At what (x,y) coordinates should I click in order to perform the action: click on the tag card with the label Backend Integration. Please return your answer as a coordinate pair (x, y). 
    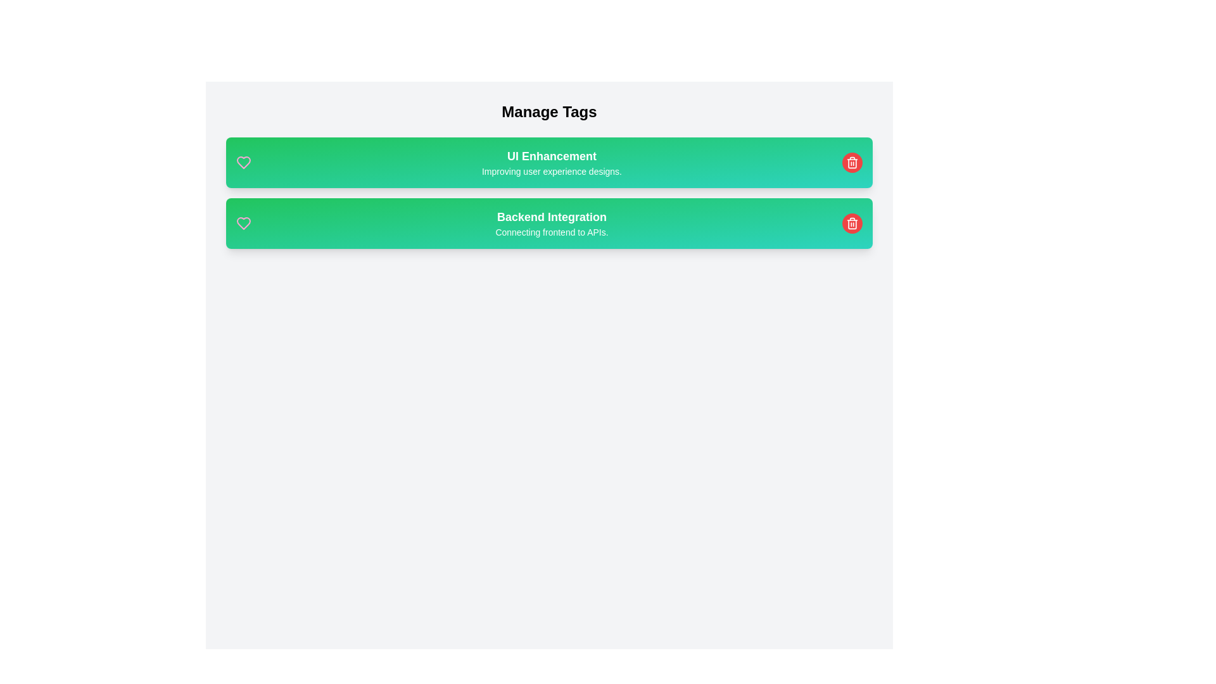
    Looking at the image, I should click on (549, 223).